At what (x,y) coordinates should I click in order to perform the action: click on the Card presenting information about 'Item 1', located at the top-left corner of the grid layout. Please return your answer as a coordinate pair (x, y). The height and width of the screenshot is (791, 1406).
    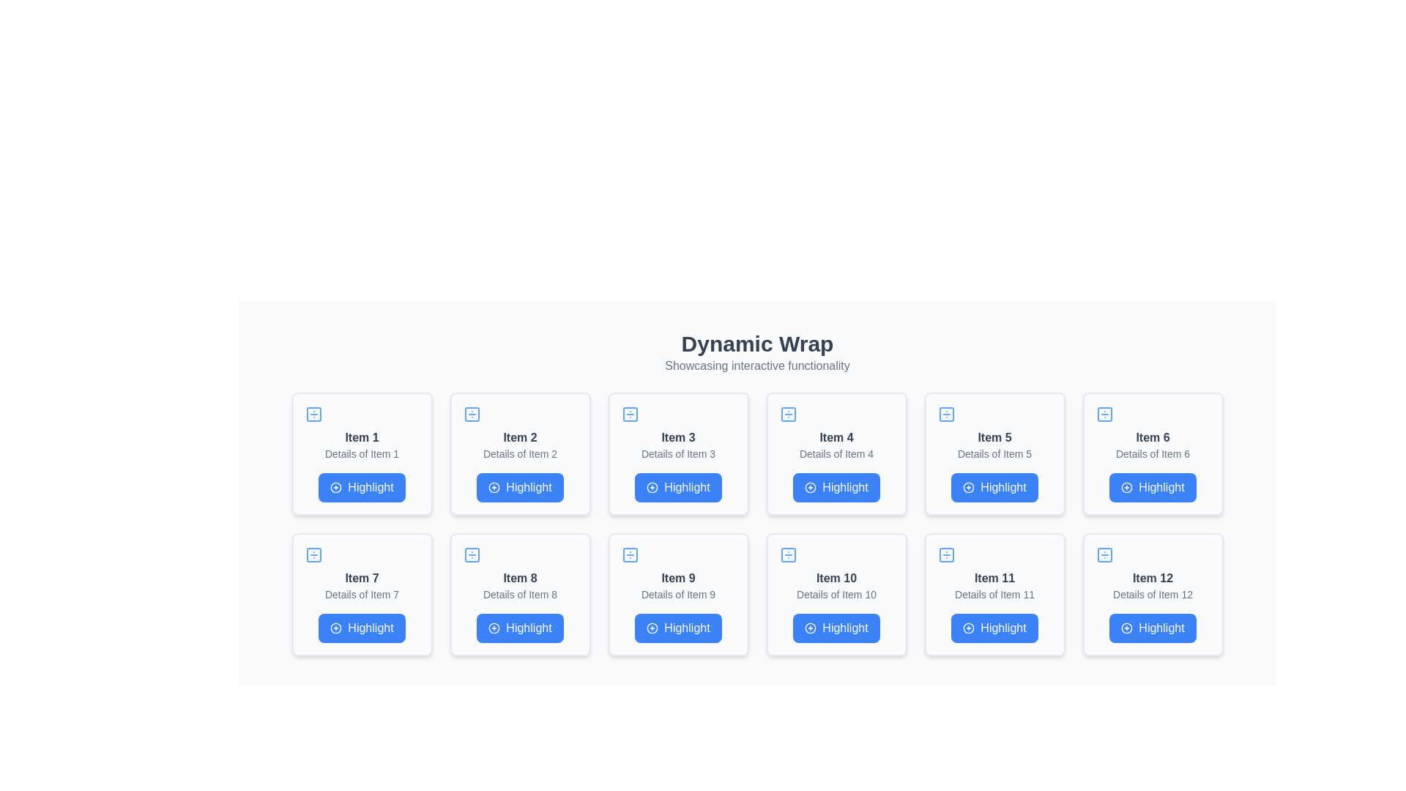
    Looking at the image, I should click on (362, 453).